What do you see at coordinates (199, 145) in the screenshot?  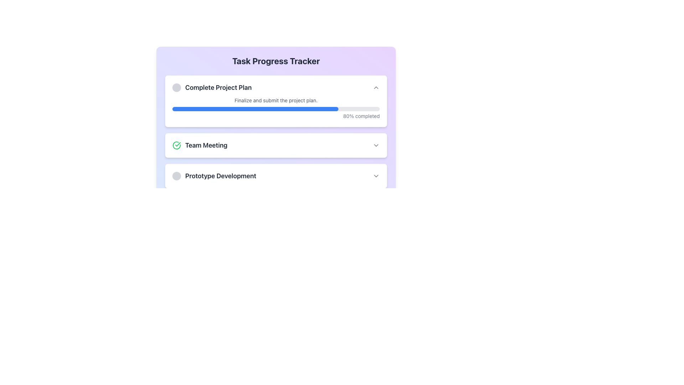 I see `the 'Team Meeting' text label` at bounding box center [199, 145].